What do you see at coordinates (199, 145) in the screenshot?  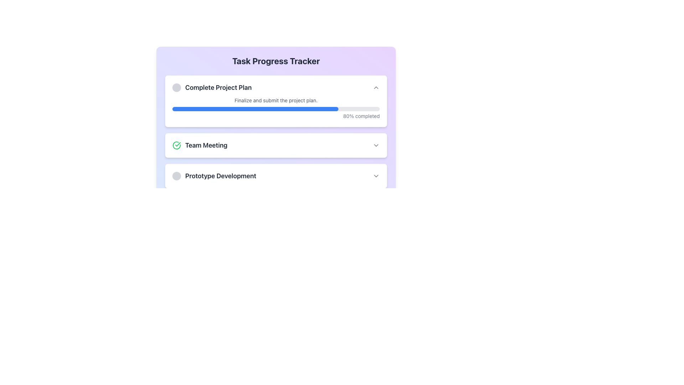 I see `the 'Team Meeting' text label` at bounding box center [199, 145].